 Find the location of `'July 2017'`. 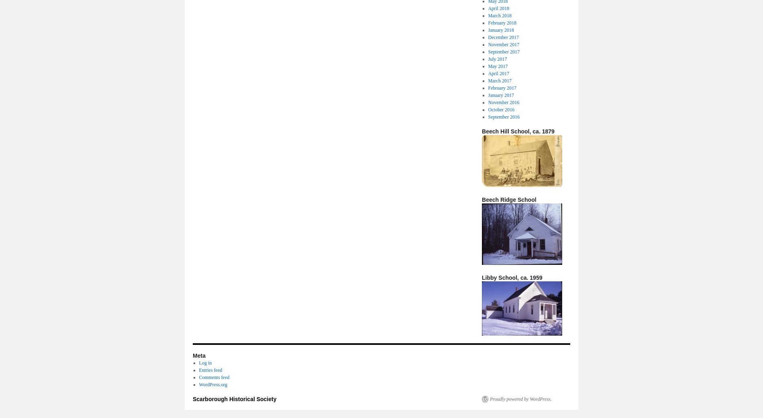

'July 2017' is located at coordinates (497, 59).